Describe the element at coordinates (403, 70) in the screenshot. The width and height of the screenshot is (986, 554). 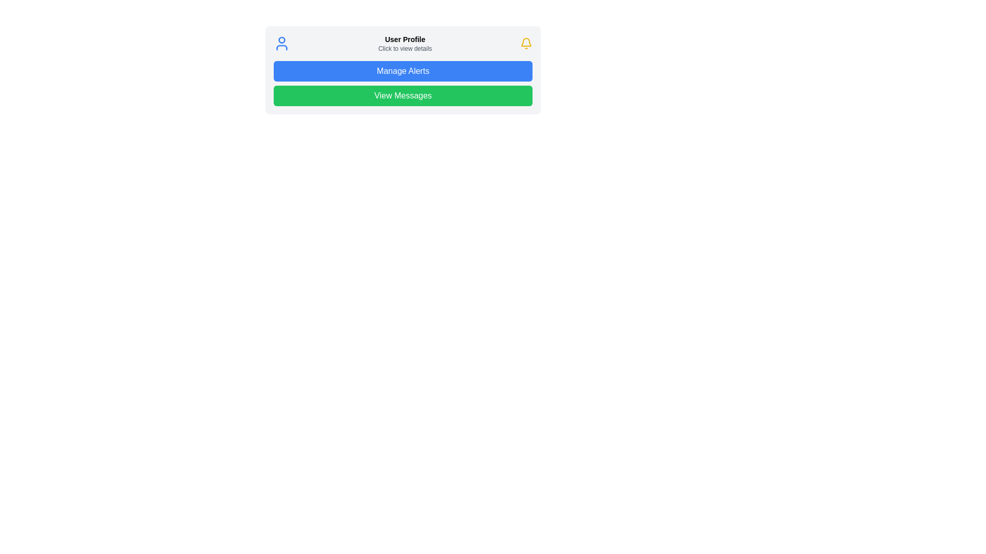
I see `the first button in the 'User Profile' panel that manages alert settings or view alert-related information` at that location.